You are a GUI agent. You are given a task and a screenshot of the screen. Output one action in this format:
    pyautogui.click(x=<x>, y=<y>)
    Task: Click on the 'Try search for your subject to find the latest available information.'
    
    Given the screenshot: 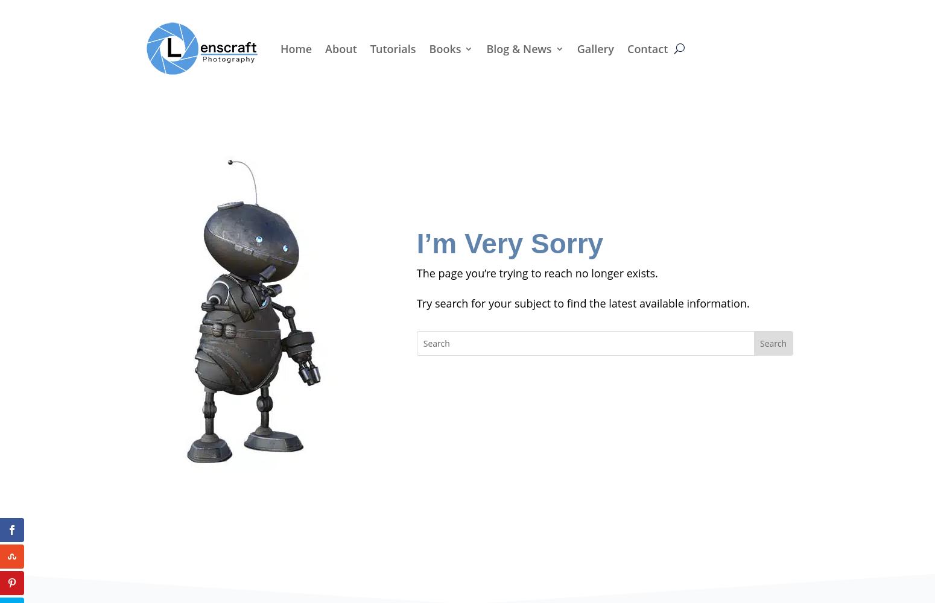 What is the action you would take?
    pyautogui.click(x=582, y=303)
    